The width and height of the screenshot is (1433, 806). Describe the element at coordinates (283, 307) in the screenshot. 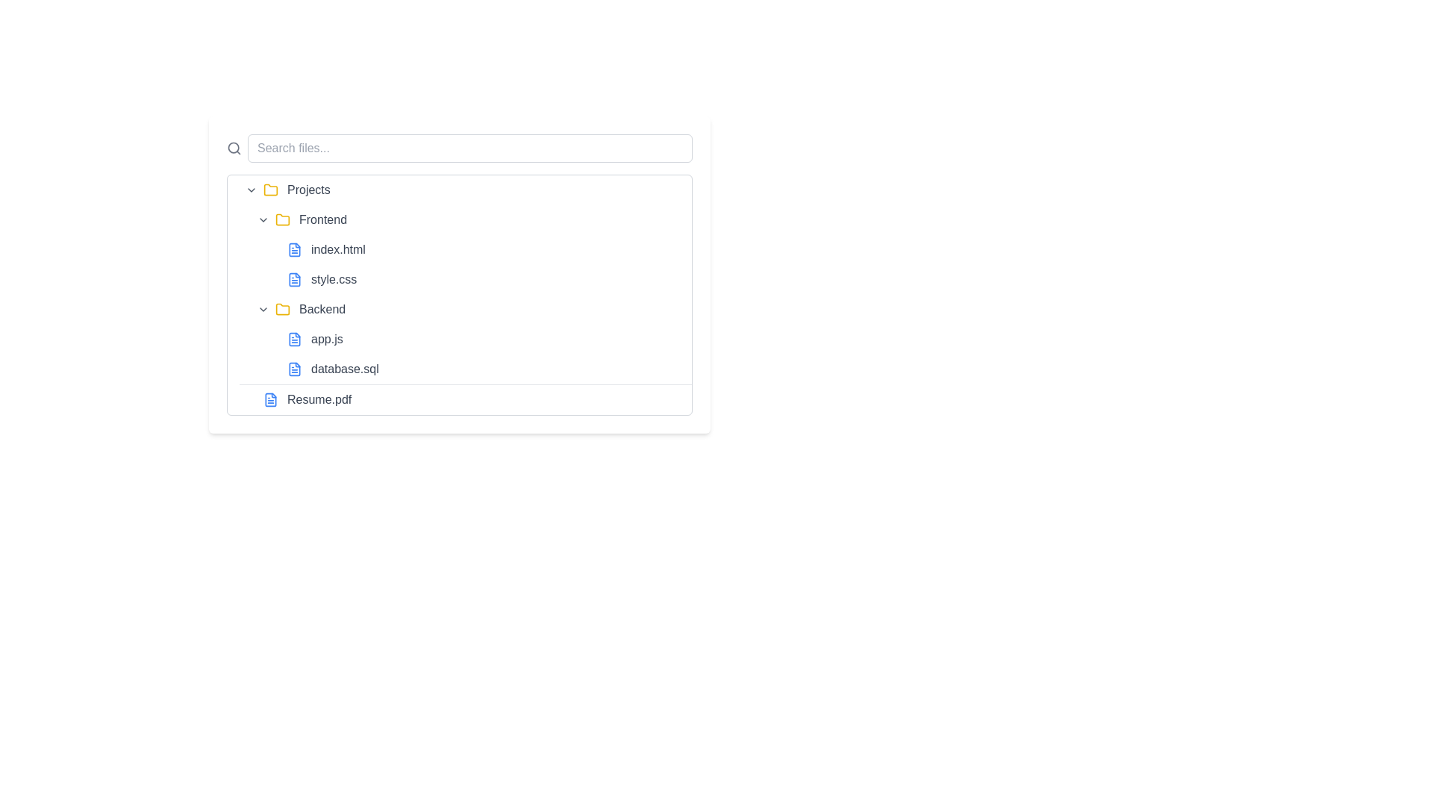

I see `the folder icon located in the file structure panel under 'Projects' before the label 'Backend'` at that location.